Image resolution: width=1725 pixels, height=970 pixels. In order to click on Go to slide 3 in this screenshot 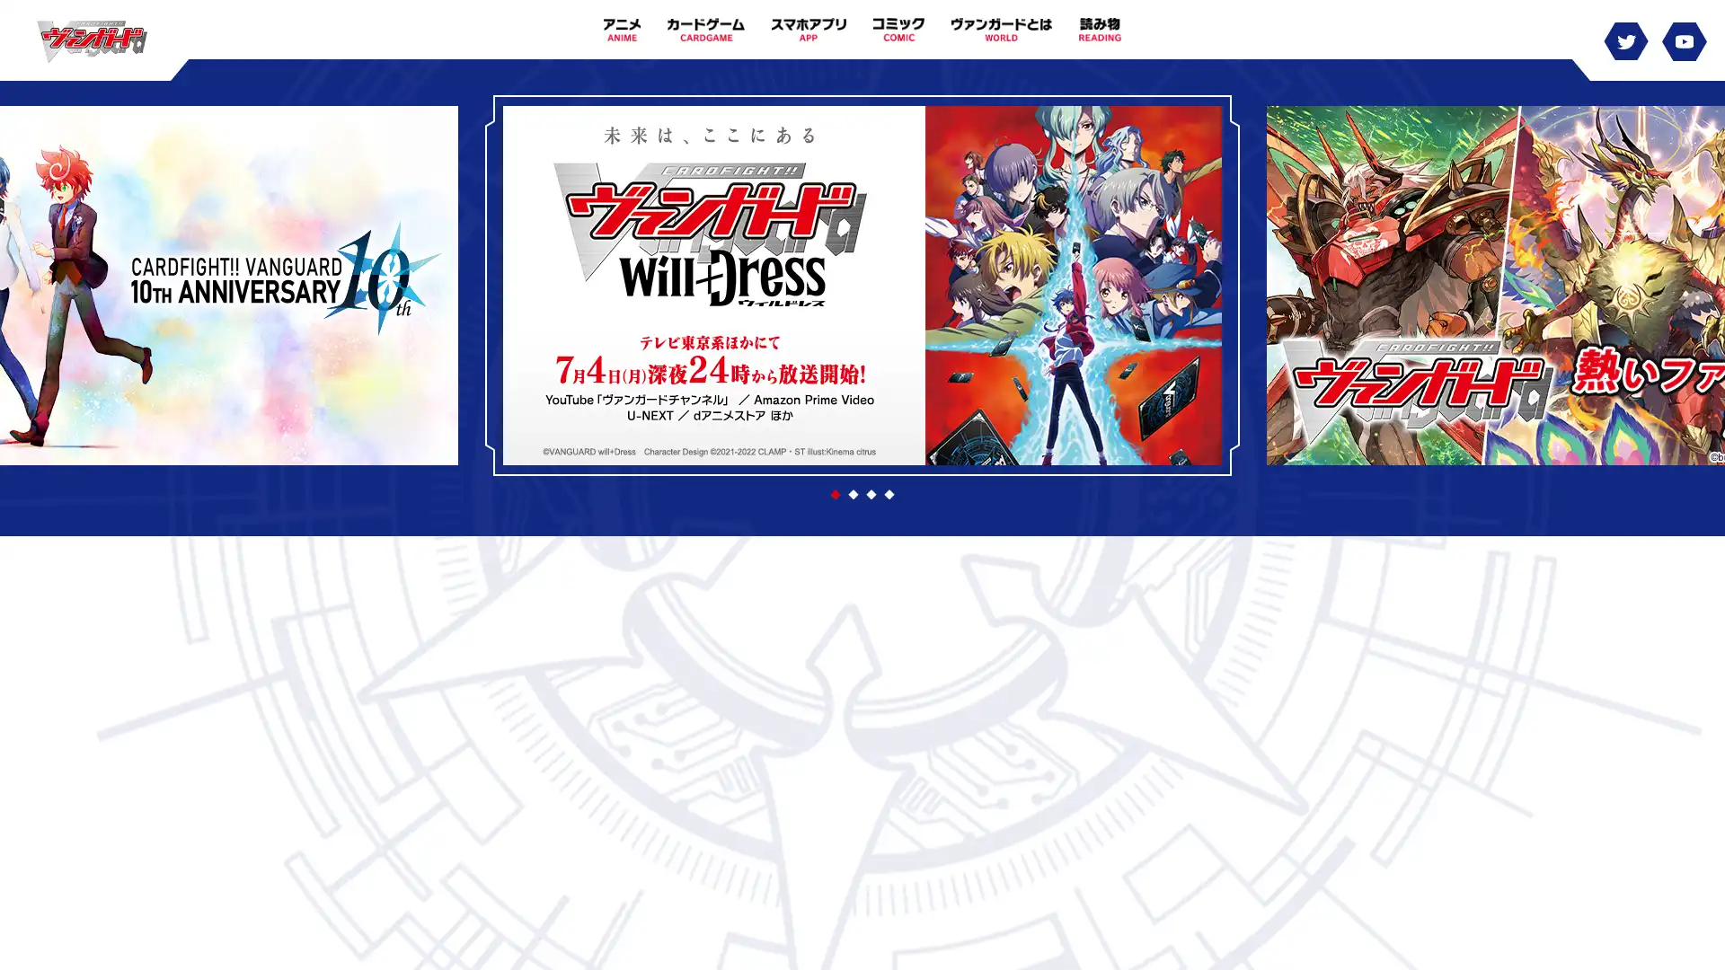, I will do `click(871, 495)`.